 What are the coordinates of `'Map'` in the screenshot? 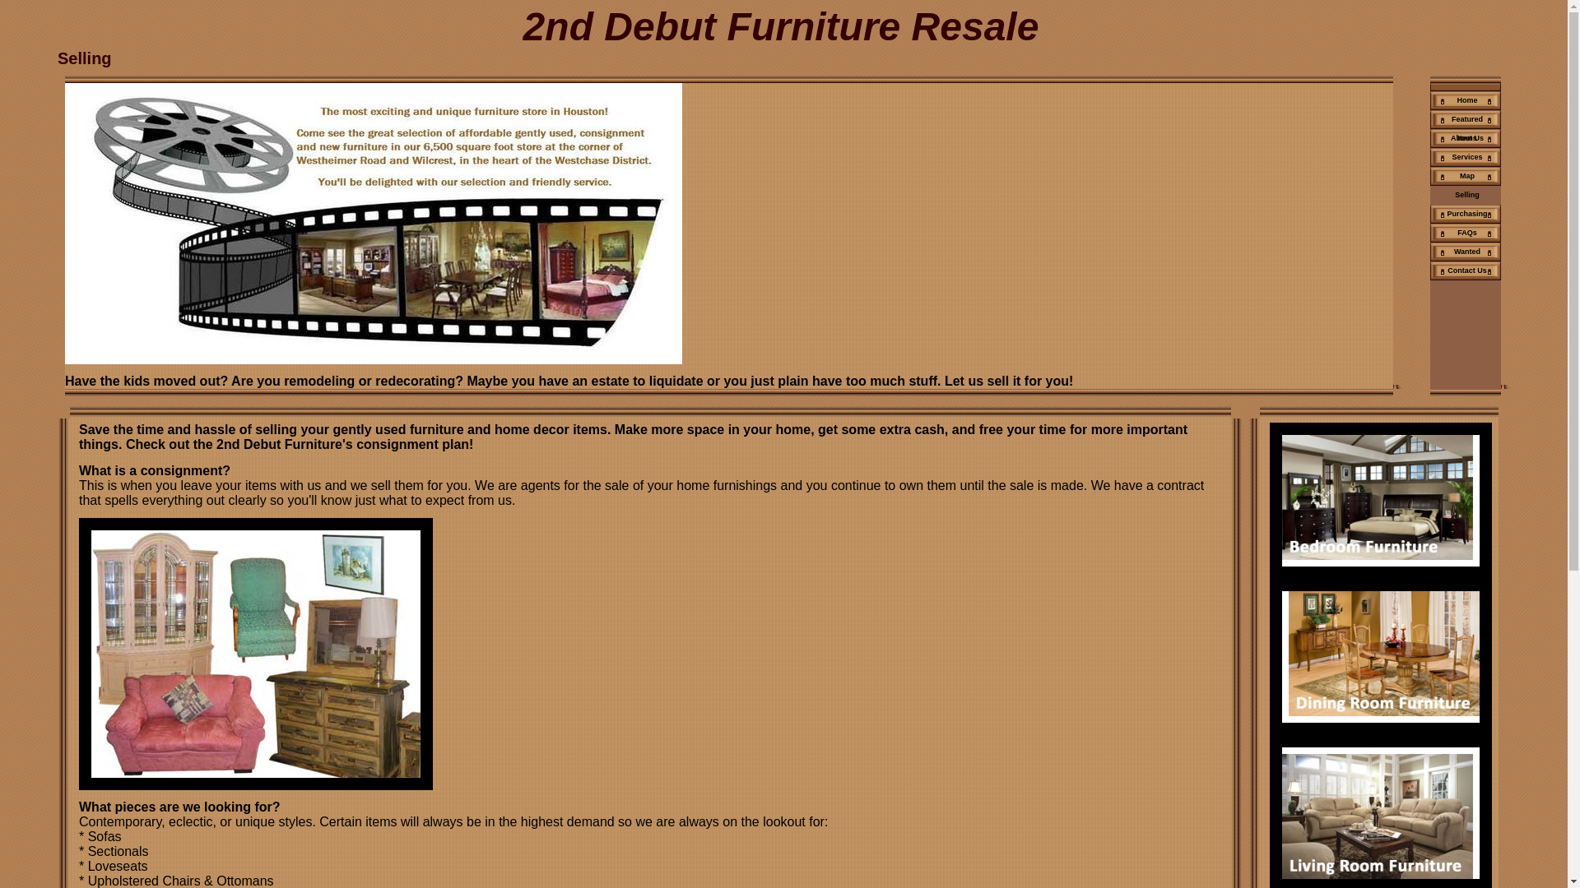 It's located at (1465, 176).